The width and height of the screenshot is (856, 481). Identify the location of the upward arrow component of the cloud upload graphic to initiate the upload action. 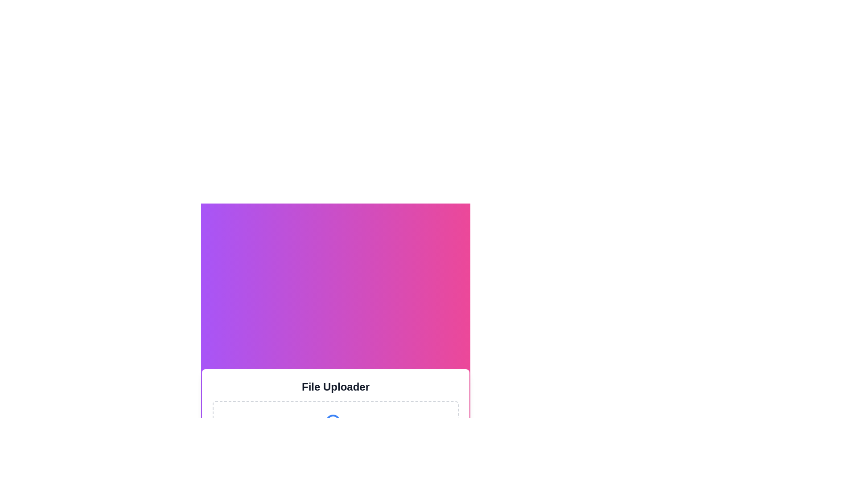
(335, 425).